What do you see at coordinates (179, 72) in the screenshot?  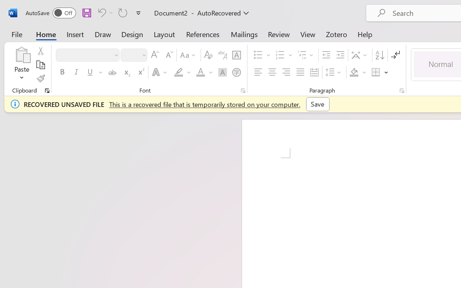 I see `'Text Highlight Color Yellow'` at bounding box center [179, 72].